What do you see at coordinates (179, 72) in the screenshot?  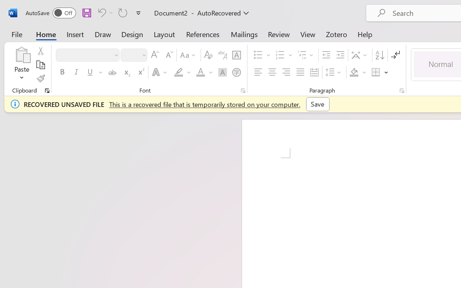 I see `'Text Highlight Color Yellow'` at bounding box center [179, 72].